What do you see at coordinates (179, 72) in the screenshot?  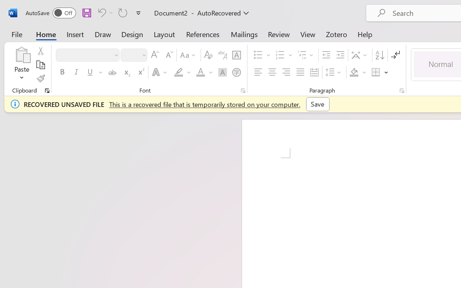 I see `'Text Highlight Color Yellow'` at bounding box center [179, 72].